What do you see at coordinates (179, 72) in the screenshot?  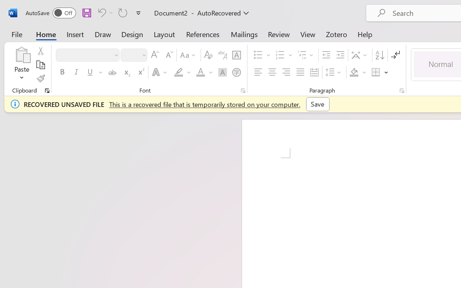 I see `'Text Highlight Color Yellow'` at bounding box center [179, 72].